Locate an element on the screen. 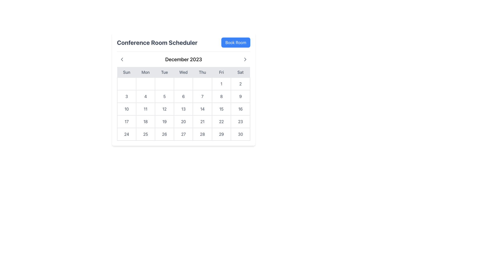 This screenshot has width=484, height=272. the clickable calendar date element representing the date '27', styled as a box with a rounded border and grey text is located at coordinates (183, 134).